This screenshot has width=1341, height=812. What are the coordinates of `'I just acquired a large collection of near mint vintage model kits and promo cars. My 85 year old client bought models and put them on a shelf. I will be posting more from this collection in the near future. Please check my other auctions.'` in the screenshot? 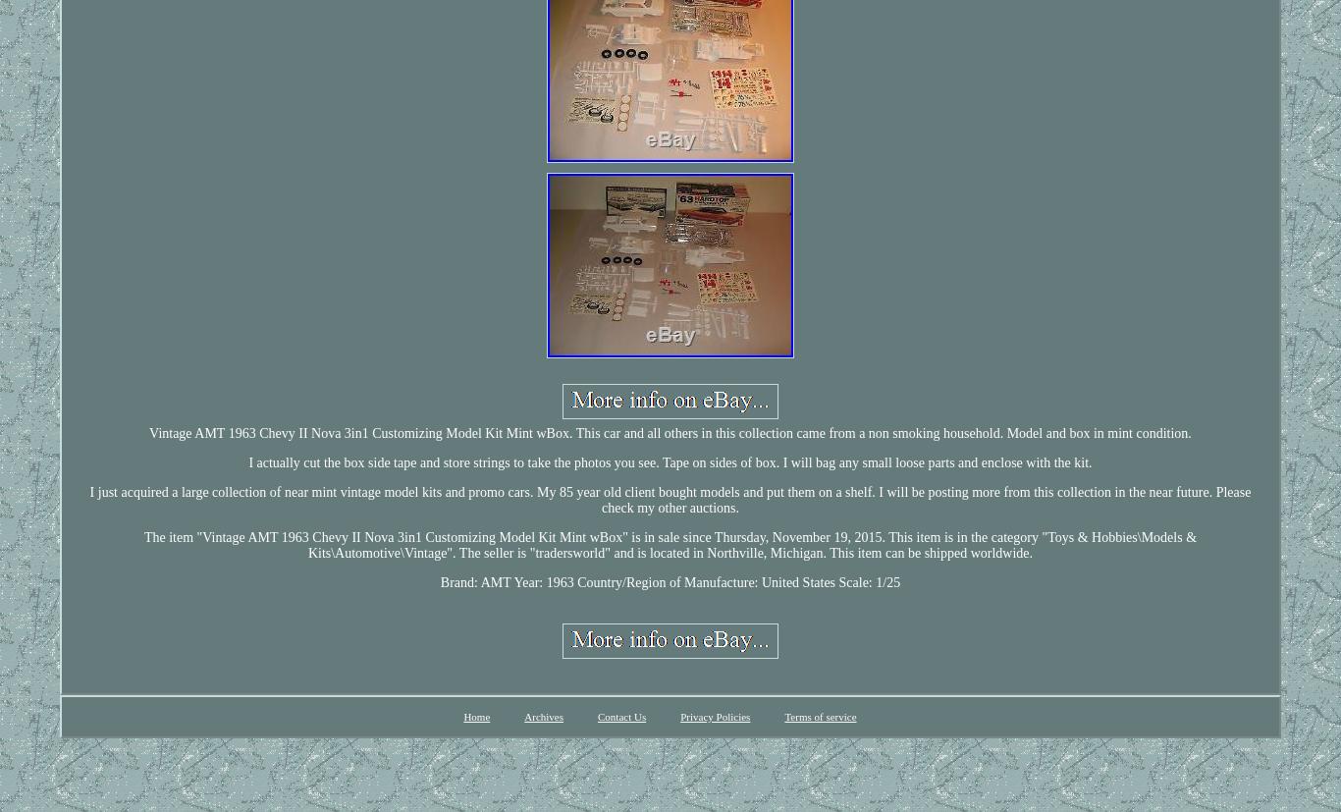 It's located at (88, 498).